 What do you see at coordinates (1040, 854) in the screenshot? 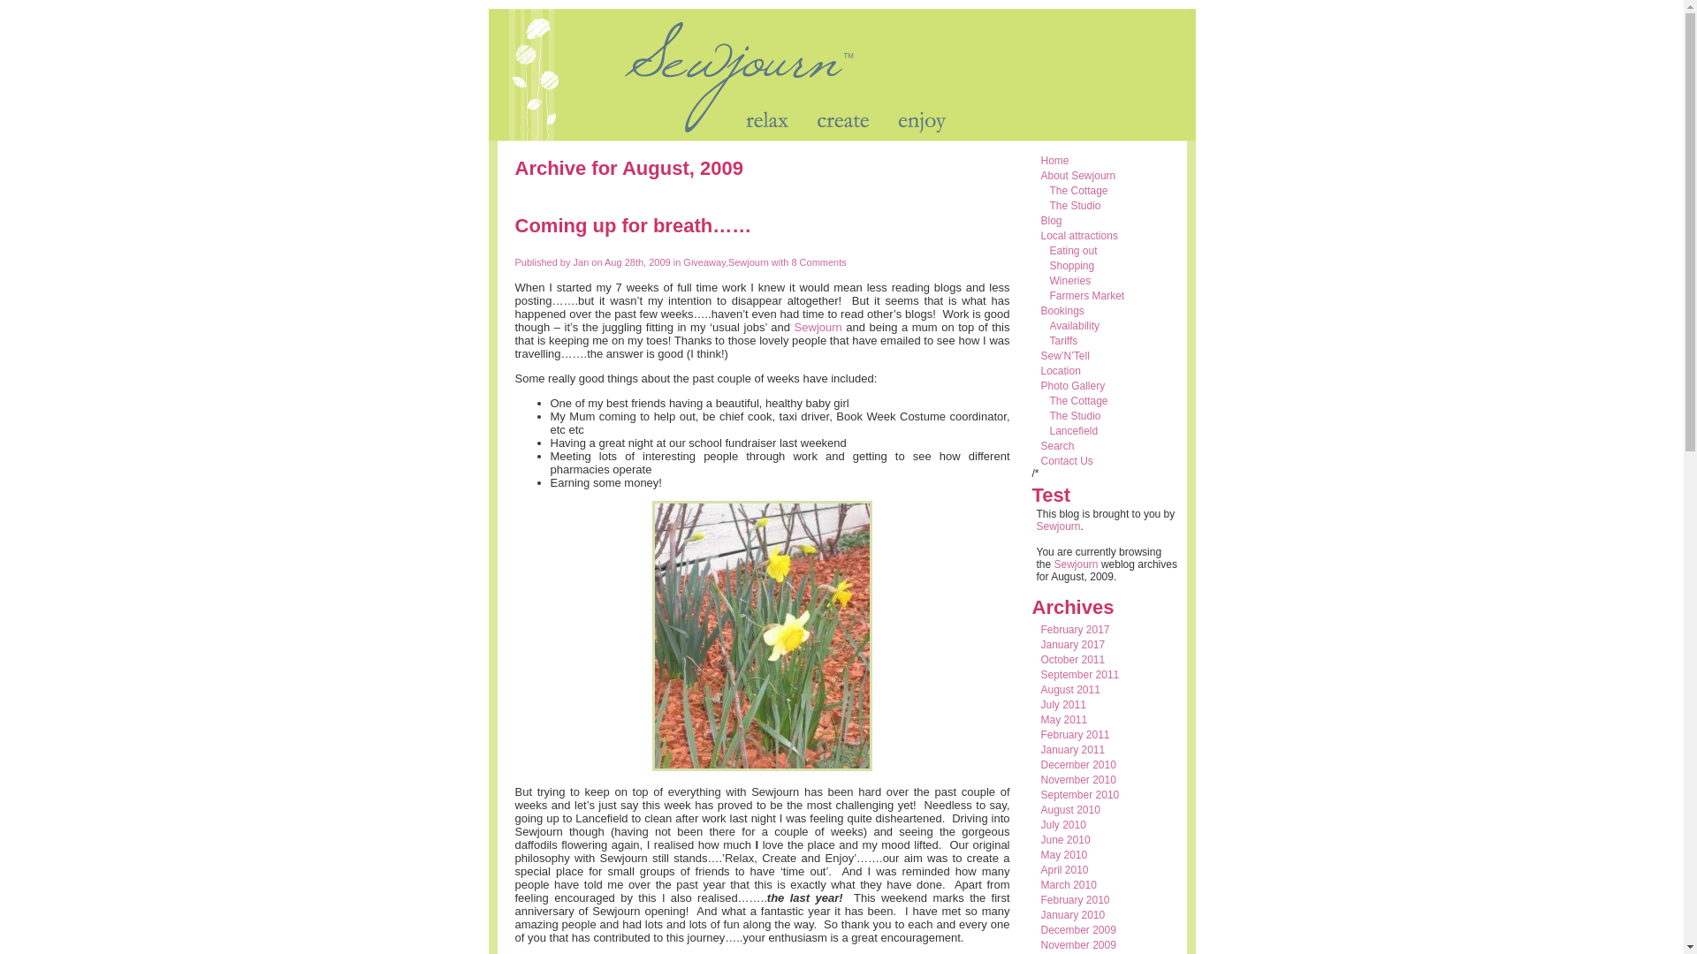
I see `'May 2010'` at bounding box center [1040, 854].